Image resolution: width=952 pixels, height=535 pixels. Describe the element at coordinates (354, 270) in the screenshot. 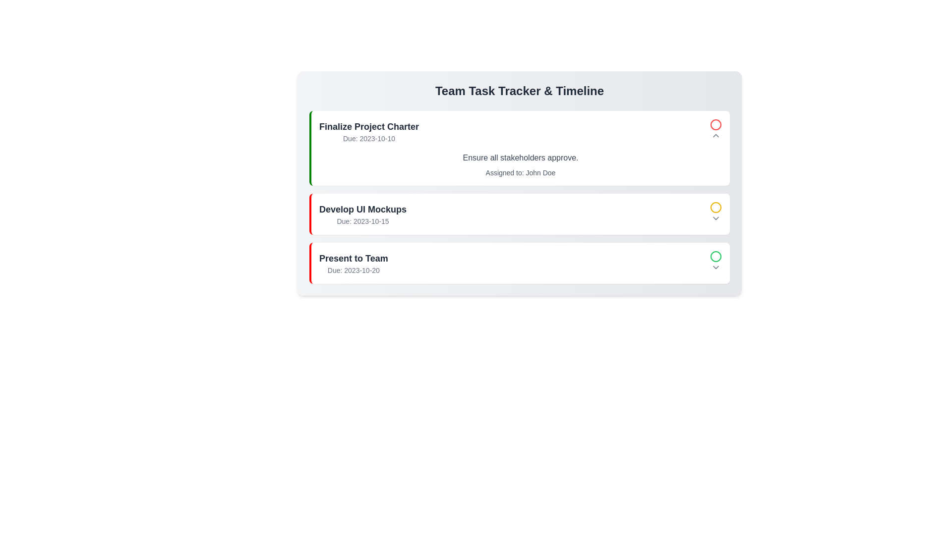

I see `the text label displaying 'Due: 2023-10-20', which is located directly under the title 'Present to Team'` at that location.